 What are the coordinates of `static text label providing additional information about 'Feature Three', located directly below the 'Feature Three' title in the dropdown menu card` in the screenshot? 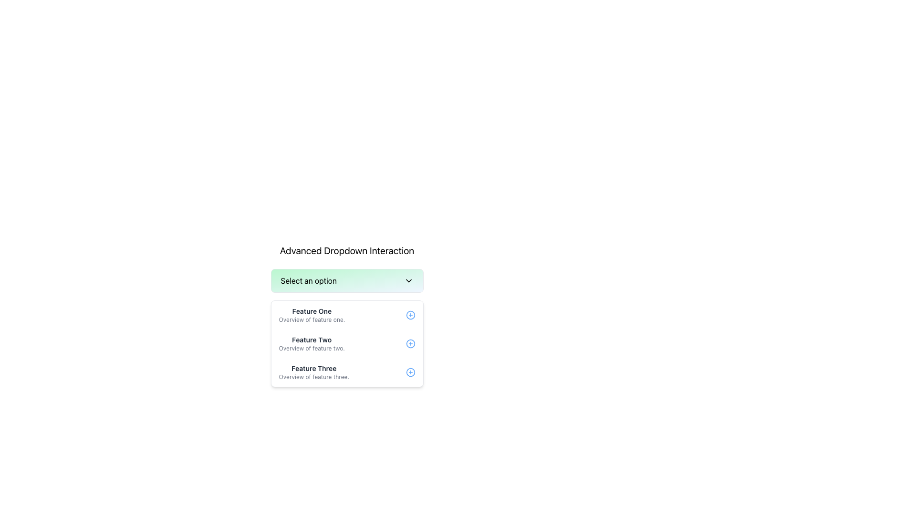 It's located at (314, 376).